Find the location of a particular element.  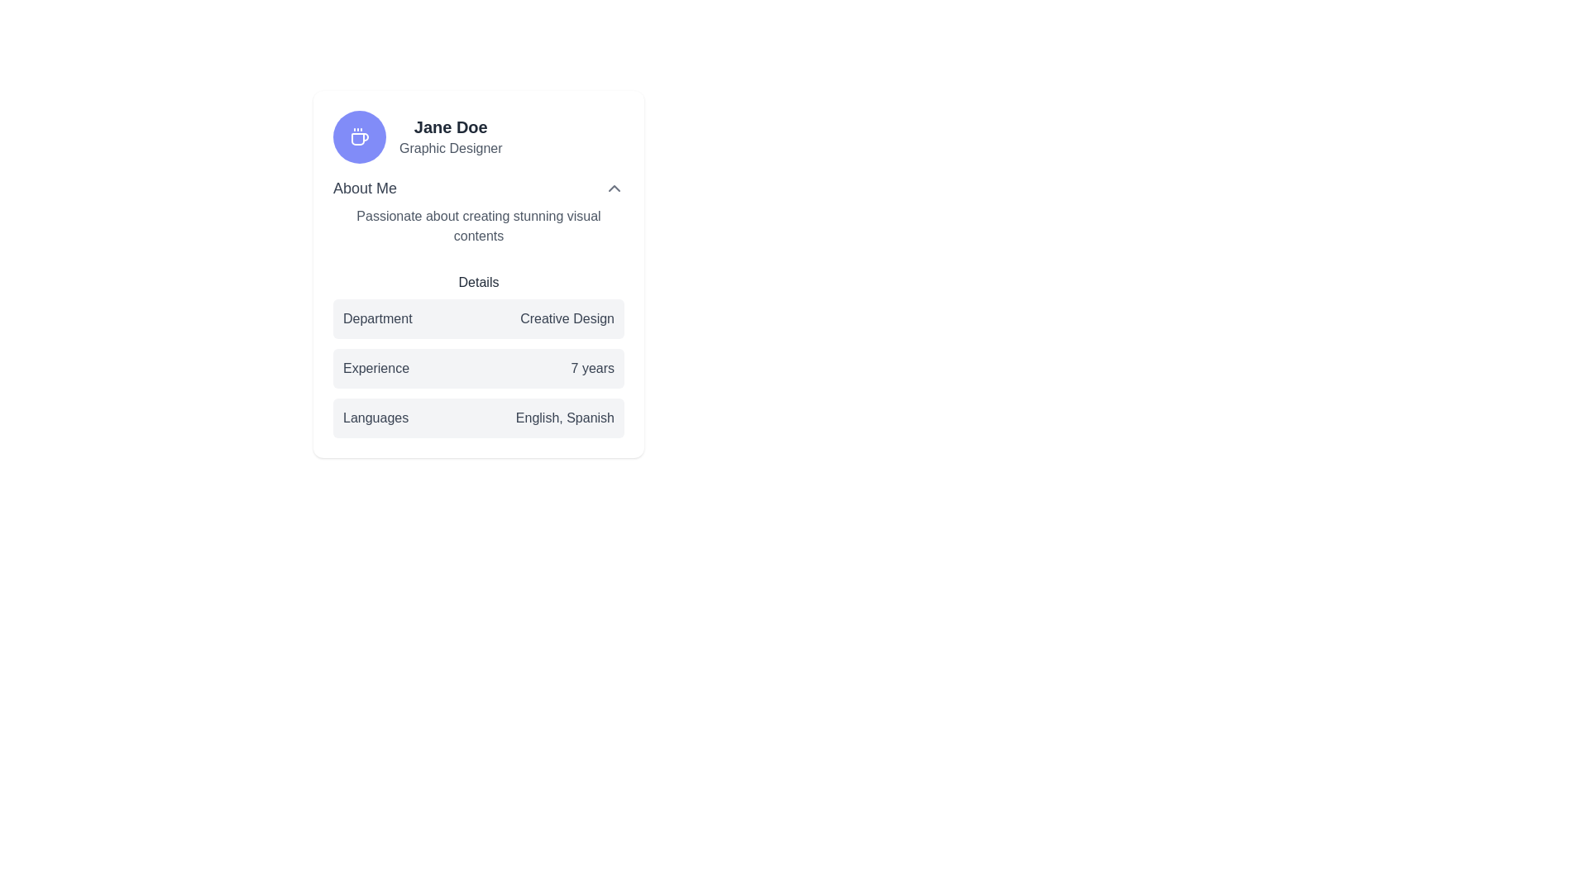

text content of the gray text block displaying 'Passionate about creating stunning visual contents', located below the 'About Me' heading in the user profile card is located at coordinates (478, 226).